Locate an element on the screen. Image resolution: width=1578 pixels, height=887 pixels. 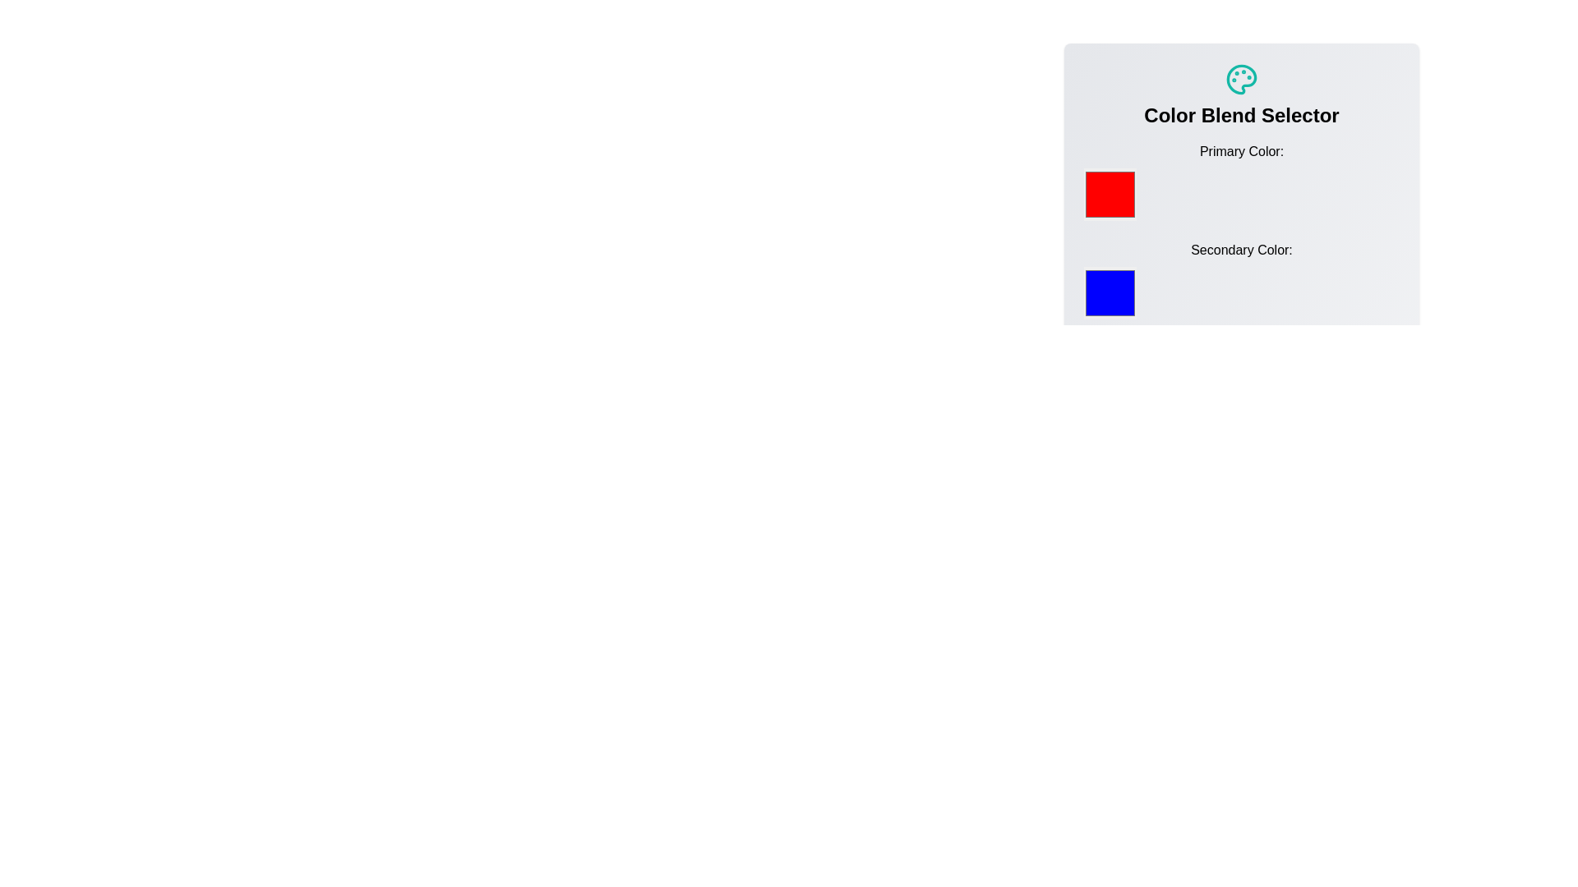
the decorative icon located at the top center of the 'Color Blend Selector' component, directly above the text 'Color Blend Selector' is located at coordinates (1241, 79).